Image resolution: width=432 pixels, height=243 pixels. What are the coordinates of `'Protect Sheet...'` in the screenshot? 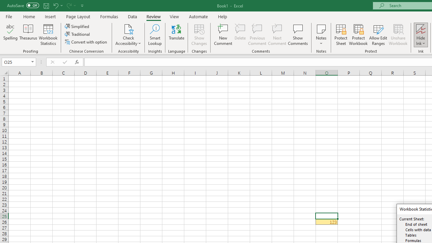 It's located at (341, 35).